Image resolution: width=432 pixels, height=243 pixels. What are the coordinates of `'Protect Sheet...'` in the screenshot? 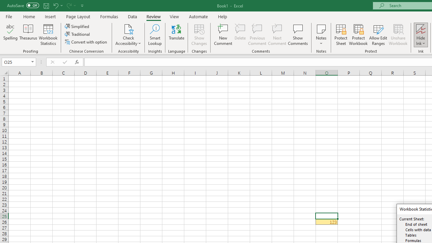 It's located at (341, 35).